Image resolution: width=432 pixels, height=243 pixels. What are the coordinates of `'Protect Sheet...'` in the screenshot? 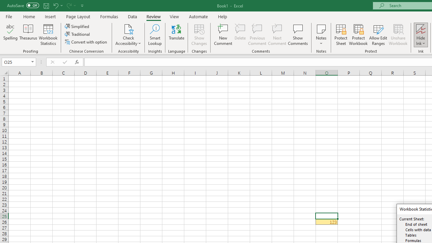 It's located at (341, 35).